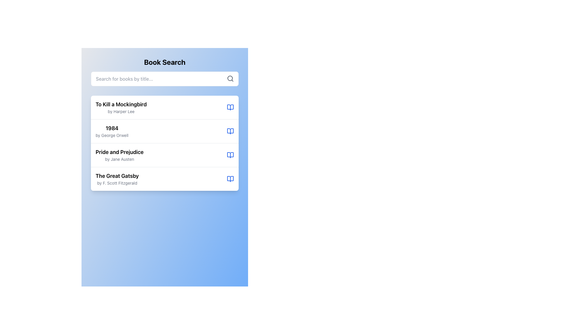  Describe the element at coordinates (230, 179) in the screenshot. I see `the blue open book icon located at the bottom-right corner of the list item for 'The Great Gatsby' by F. Scott Fitzgerald to interact with it` at that location.